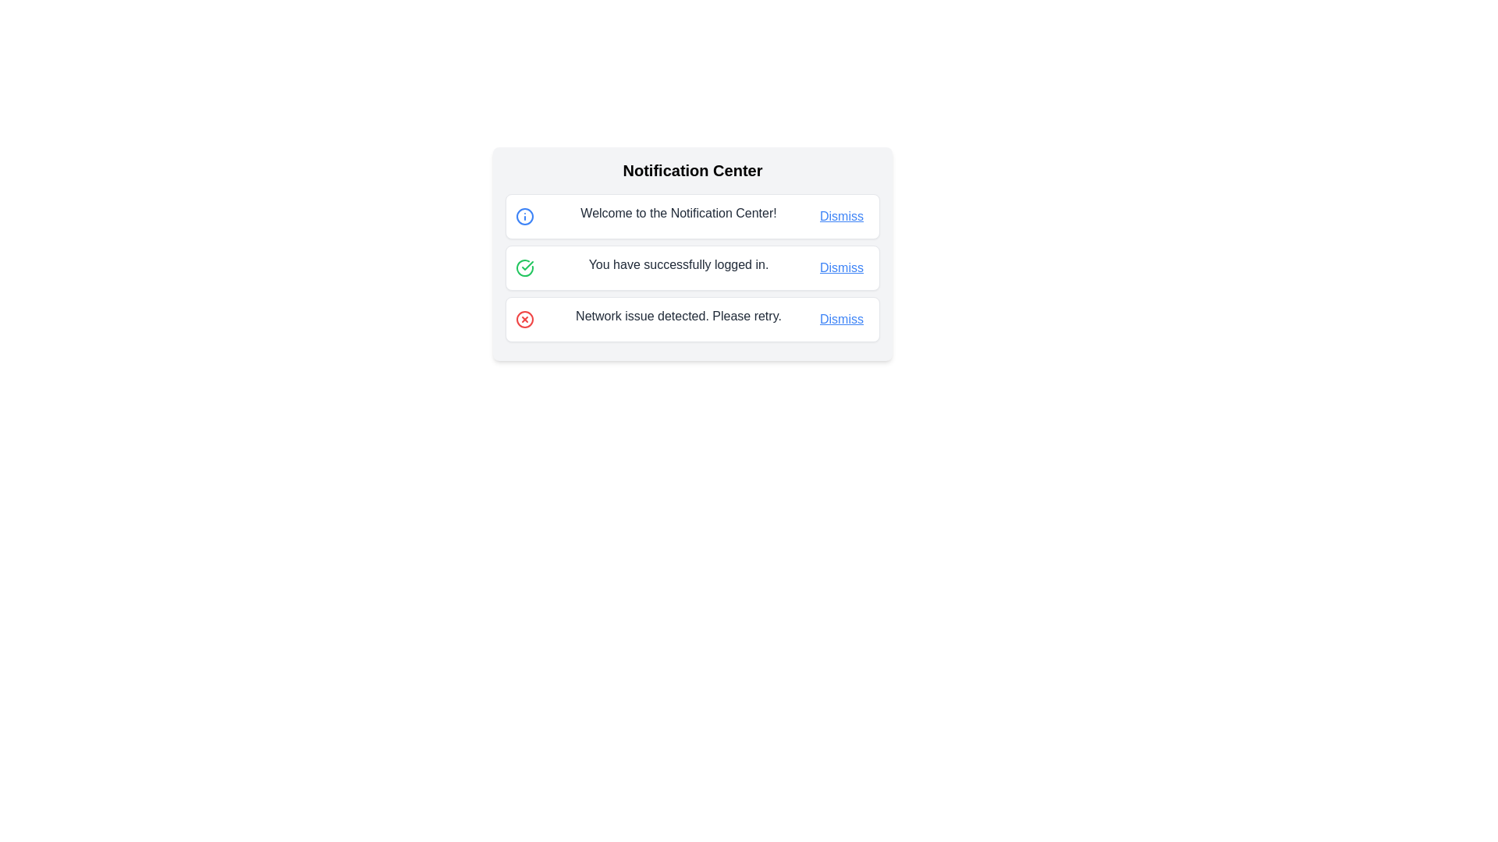 The image size is (1498, 842). Describe the element at coordinates (841, 318) in the screenshot. I see `the 'Dismiss' hyperlink, which is styled in blue with an underline, located at the bottom of the notification box` at that location.